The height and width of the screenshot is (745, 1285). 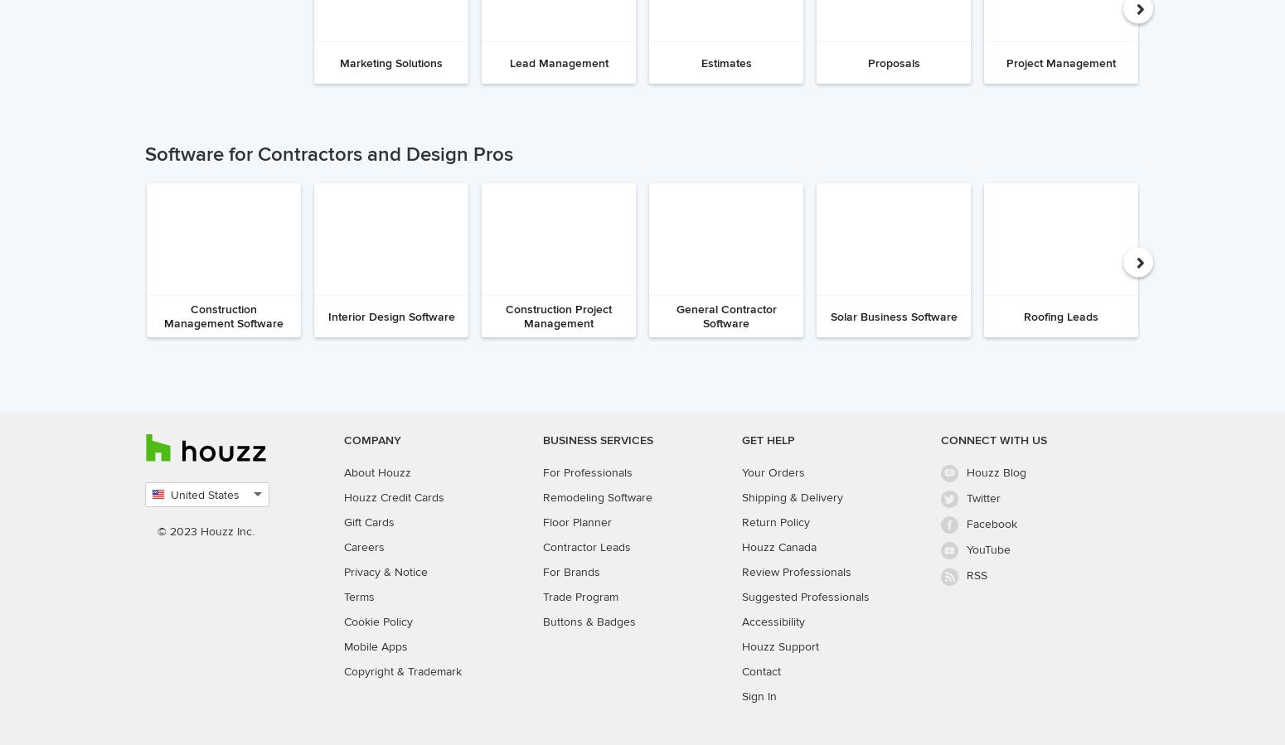 I want to click on '&', so click(x=386, y=570).